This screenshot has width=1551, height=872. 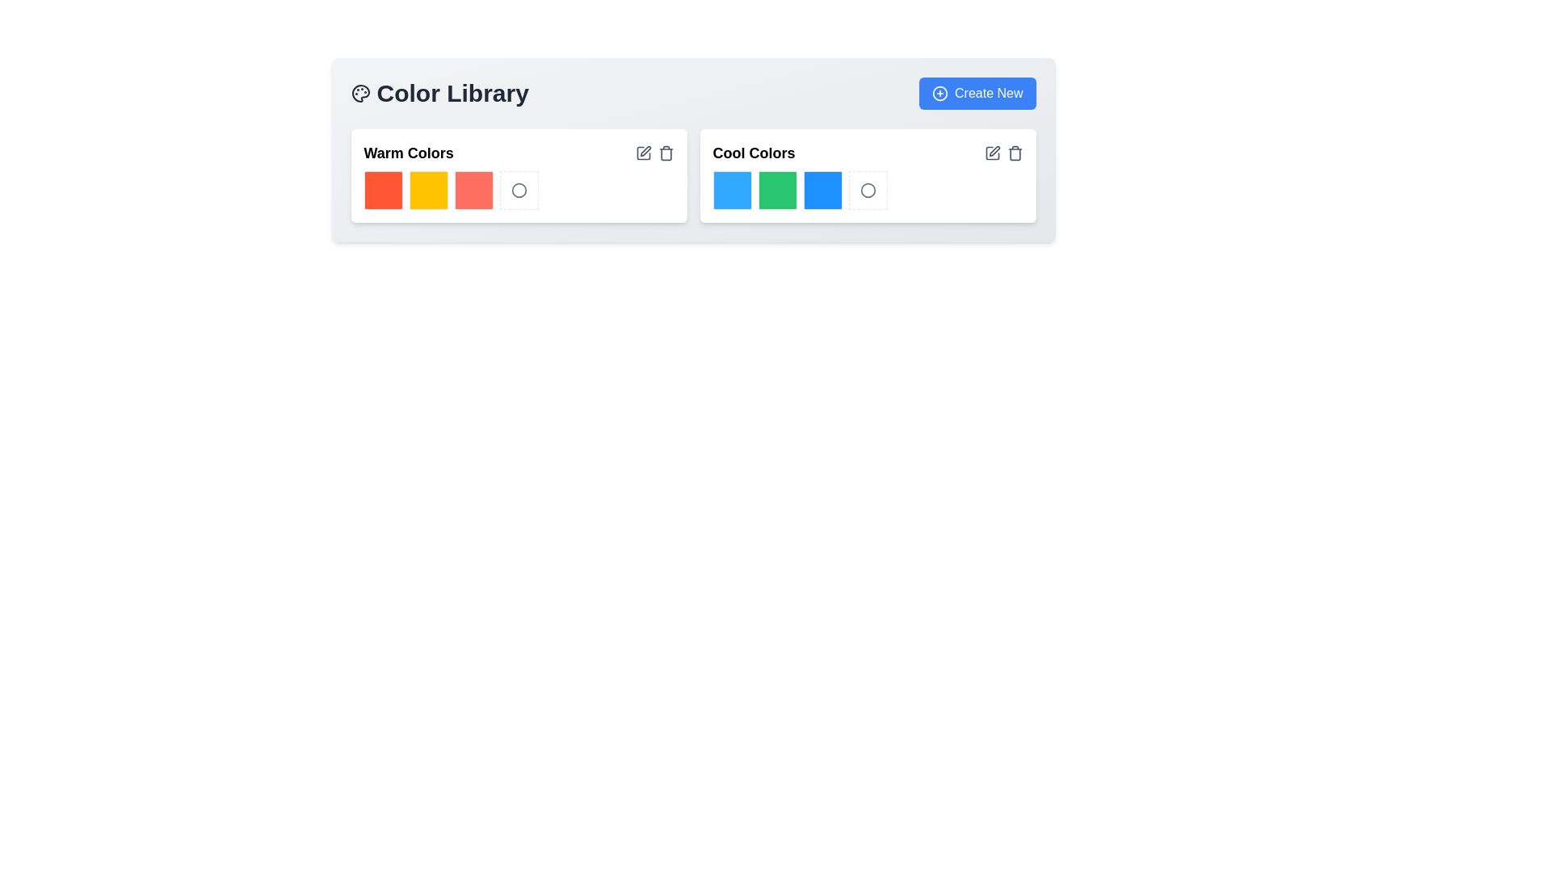 What do you see at coordinates (822, 189) in the screenshot?
I see `the third square in the 'Cool Colors' section of the 'Color Library' card, which has a bright blue background and rounded corners` at bounding box center [822, 189].